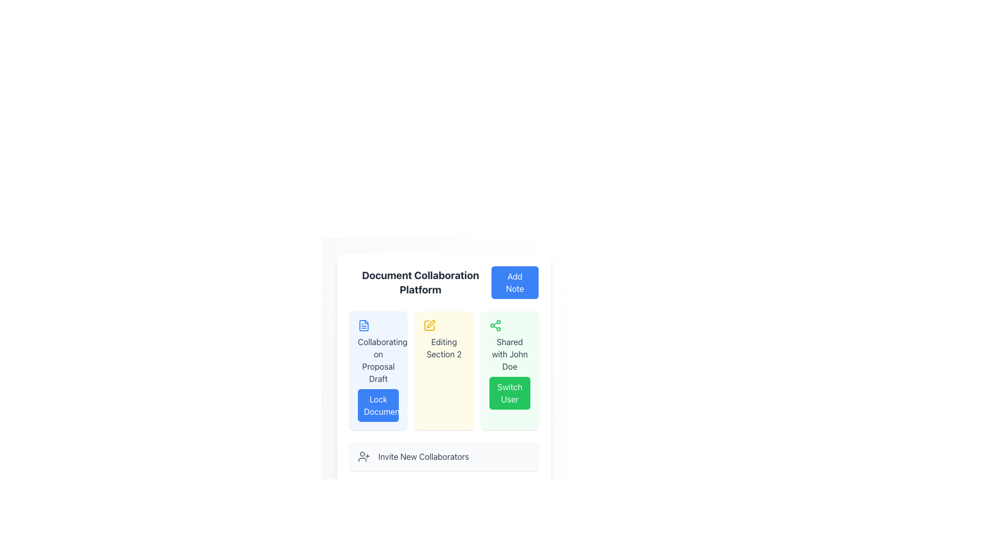 The width and height of the screenshot is (983, 553). I want to click on the 'Add Note' button located at the top-right corner of the 'Document Collaboration Platform' section, adjacent to the title text, so click(515, 282).